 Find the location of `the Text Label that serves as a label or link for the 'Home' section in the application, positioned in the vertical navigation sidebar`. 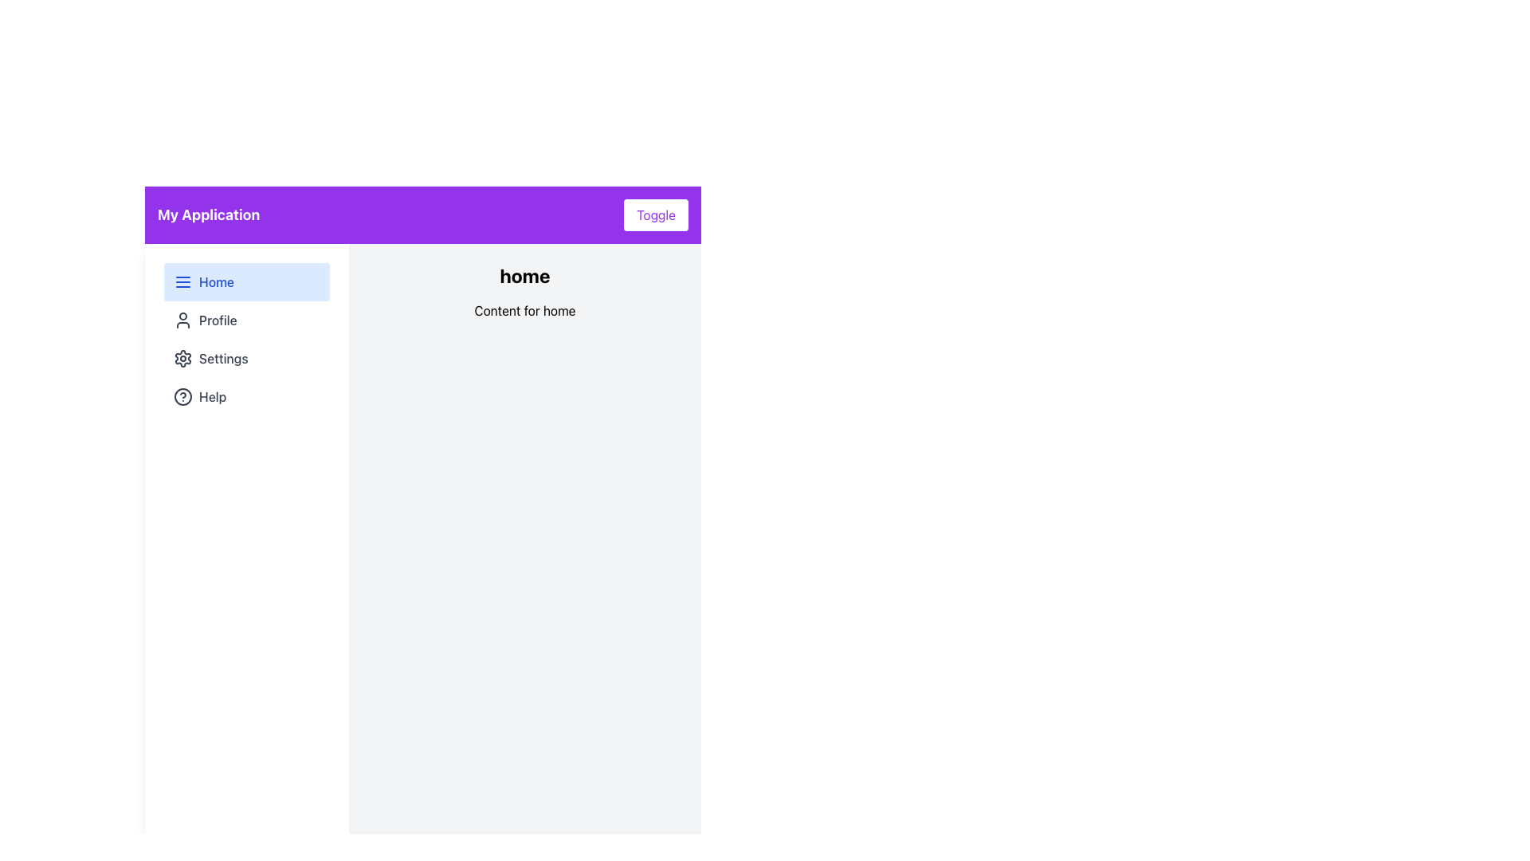

the Text Label that serves as a label or link for the 'Home' section in the application, positioned in the vertical navigation sidebar is located at coordinates (216, 281).